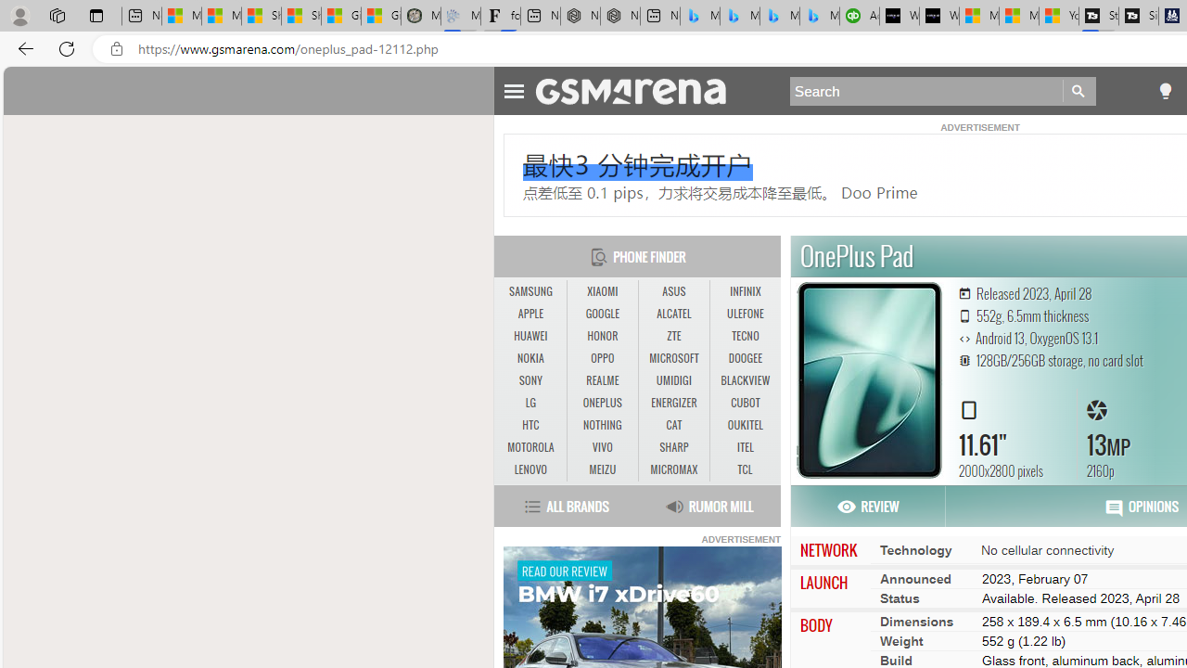  I want to click on 'OnePlus Pad MORE PICTURES', so click(868, 379).